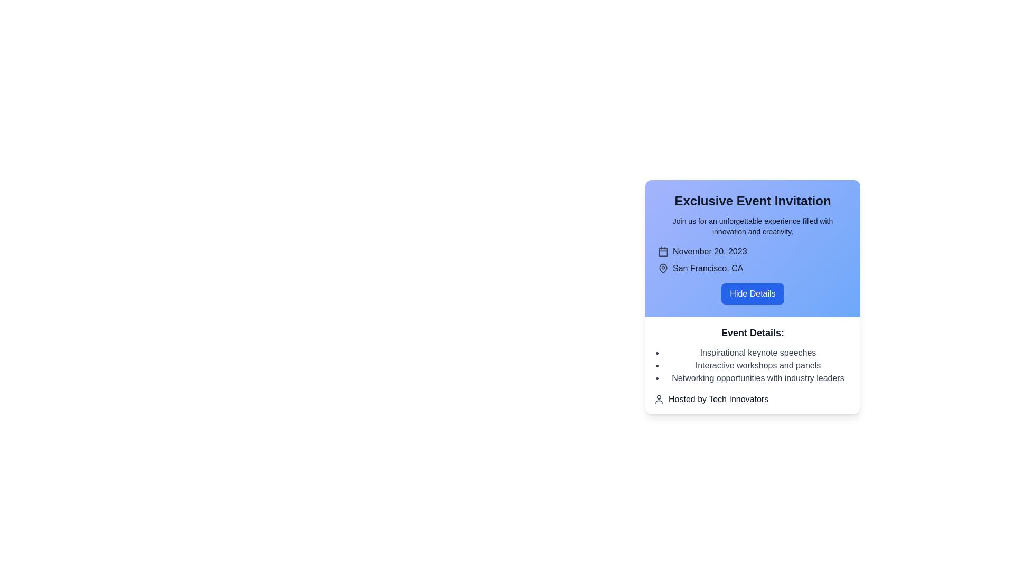  I want to click on the Text Label element that reads 'Inspirational keynote speeches', which is the first item in the bulleted list under 'Event Details', so click(757, 353).